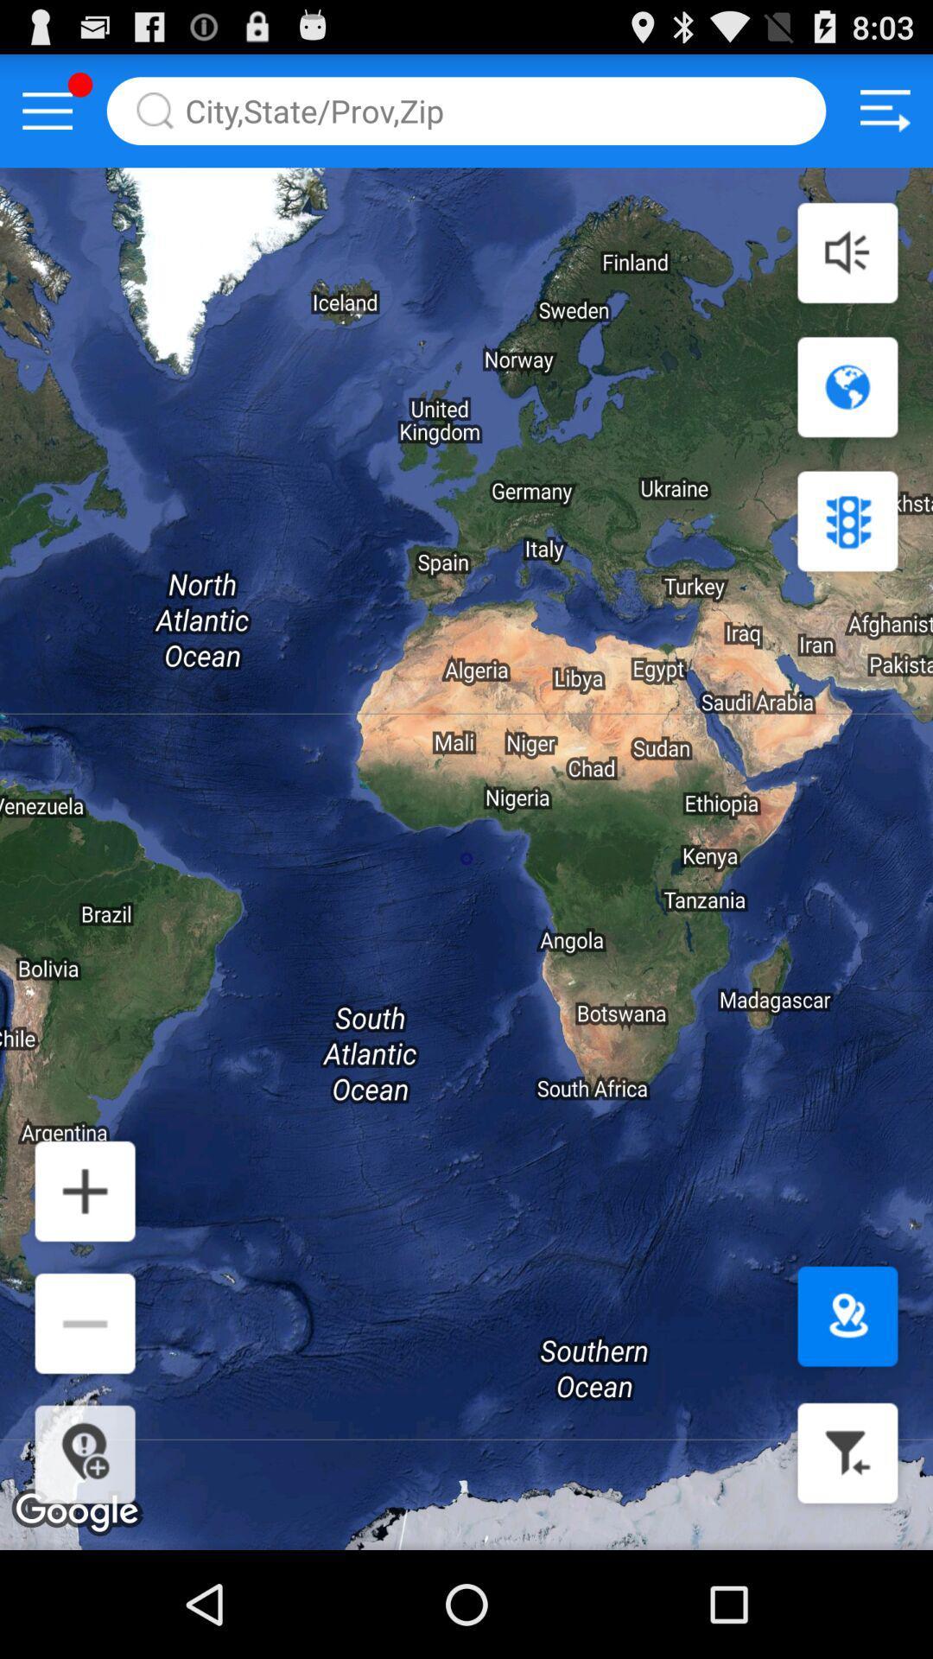 The image size is (933, 1659). I want to click on open menu, so click(47, 110).